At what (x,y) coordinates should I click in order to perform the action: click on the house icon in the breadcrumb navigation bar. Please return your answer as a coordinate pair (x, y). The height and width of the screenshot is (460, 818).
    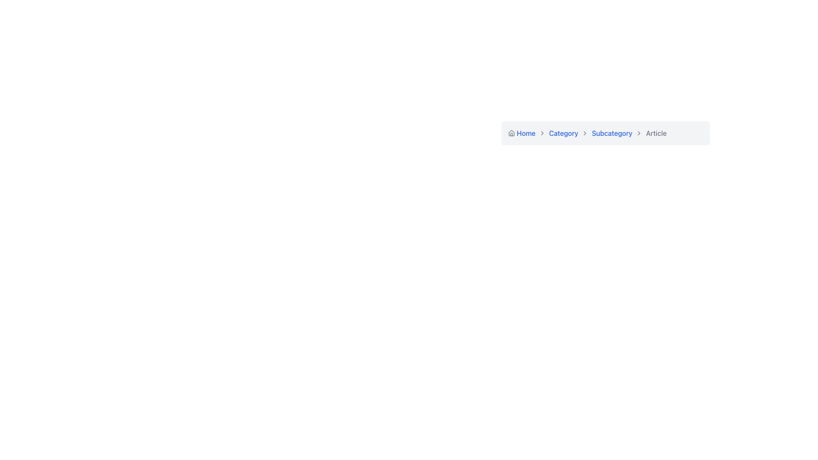
    Looking at the image, I should click on (511, 133).